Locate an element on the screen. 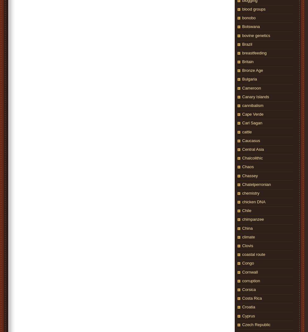  'bovine genetics' is located at coordinates (256, 35).